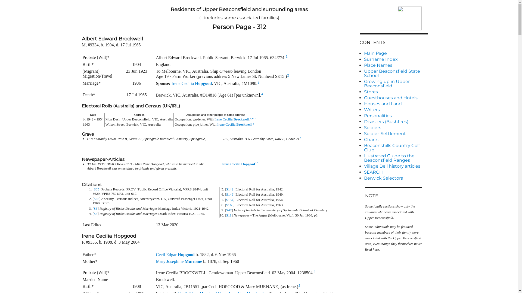 The image size is (522, 293). Describe the element at coordinates (255, 118) in the screenshot. I see `'7'` at that location.